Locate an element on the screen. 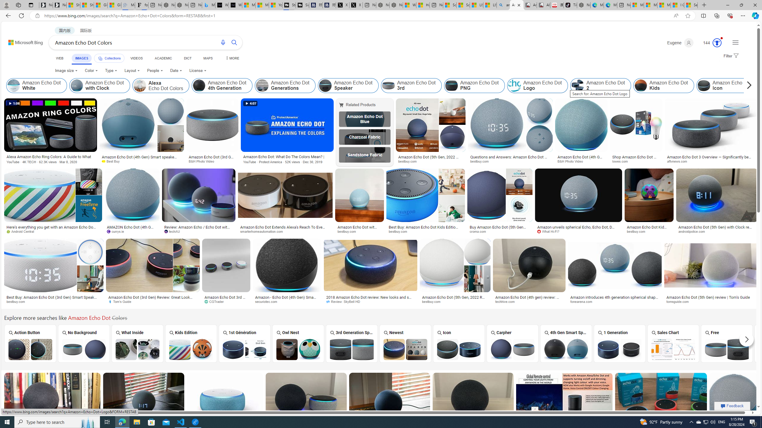 Image resolution: width=762 pixels, height=428 pixels. 'Image size' is located at coordinates (67, 70).